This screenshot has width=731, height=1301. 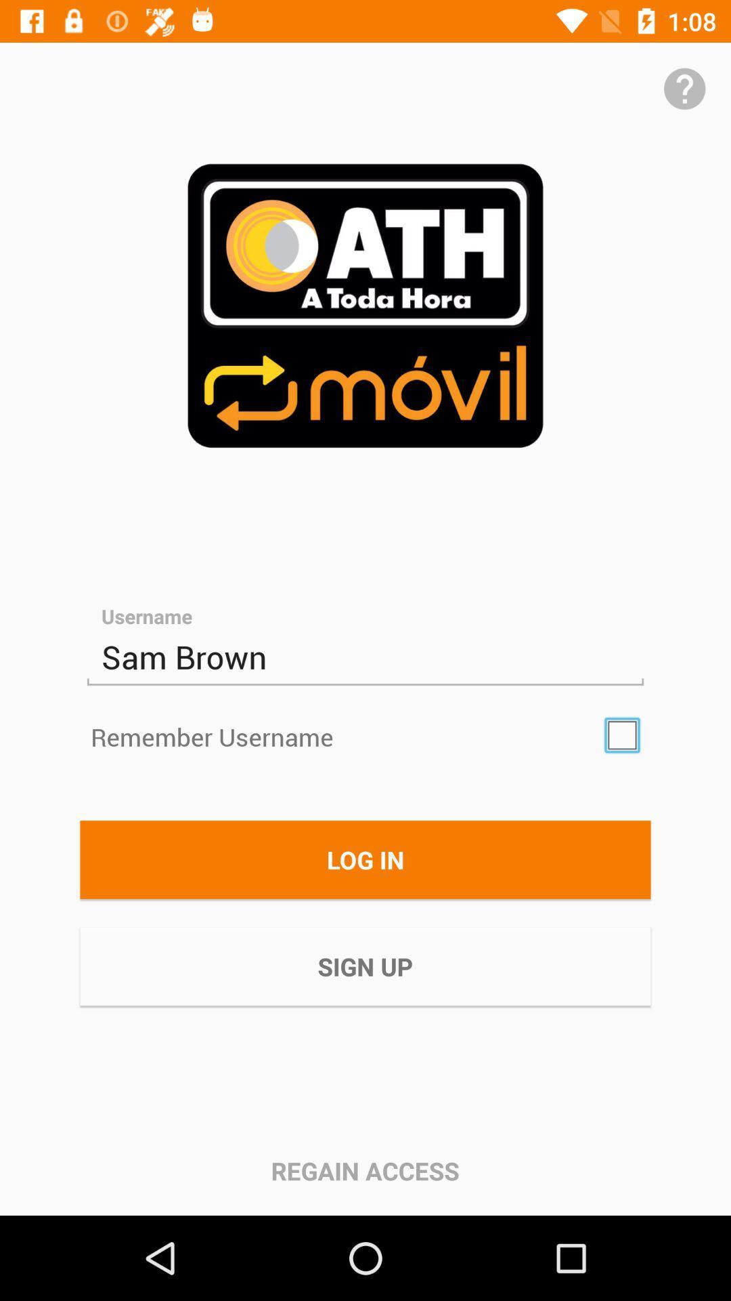 What do you see at coordinates (622, 735) in the screenshot?
I see `the icon above log in icon` at bounding box center [622, 735].